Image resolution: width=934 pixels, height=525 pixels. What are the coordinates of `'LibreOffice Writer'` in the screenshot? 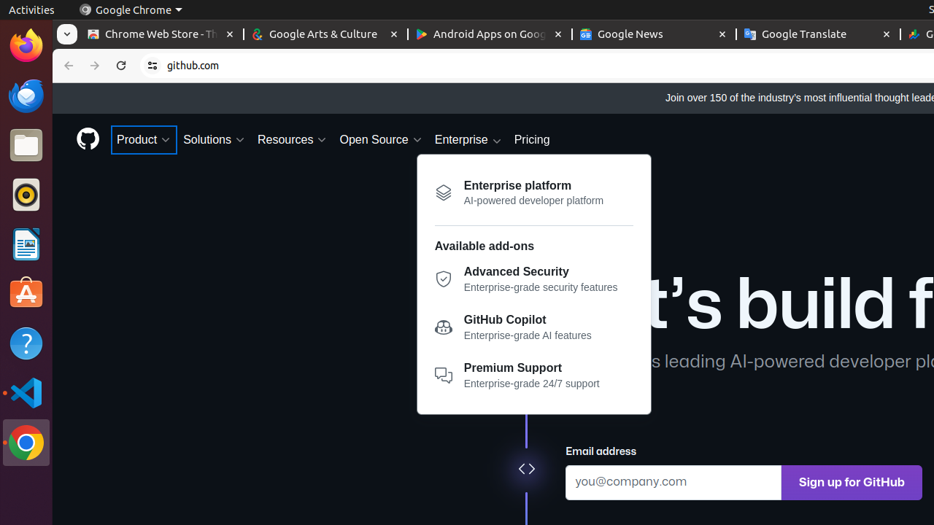 It's located at (26, 244).